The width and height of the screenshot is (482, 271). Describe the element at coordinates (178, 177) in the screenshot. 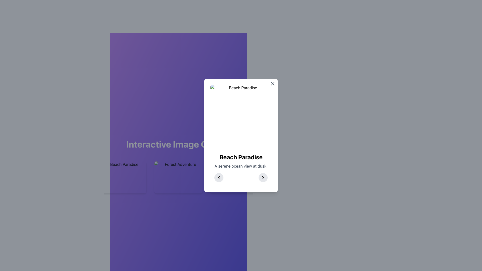

I see `the second interactive card in the horizontal arrangement of three cards, located in the middle row of the interface` at that location.